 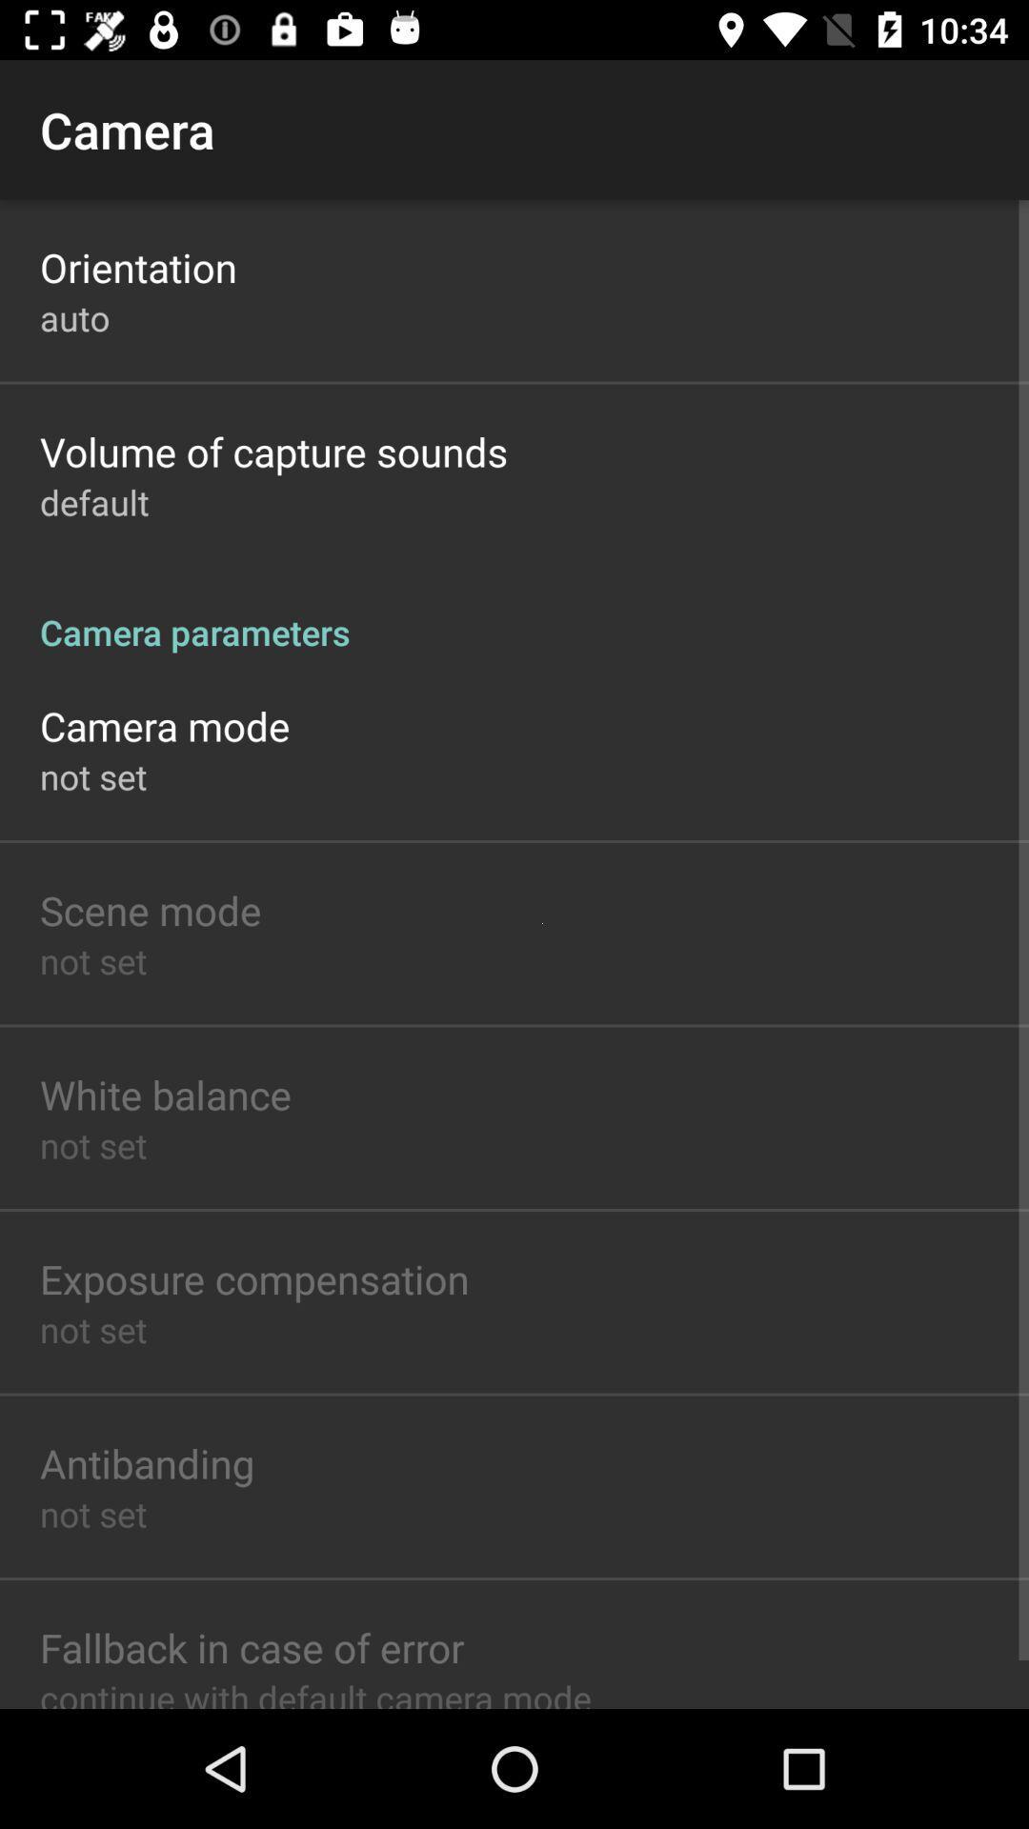 I want to click on the icon above the camera mode icon, so click(x=514, y=612).